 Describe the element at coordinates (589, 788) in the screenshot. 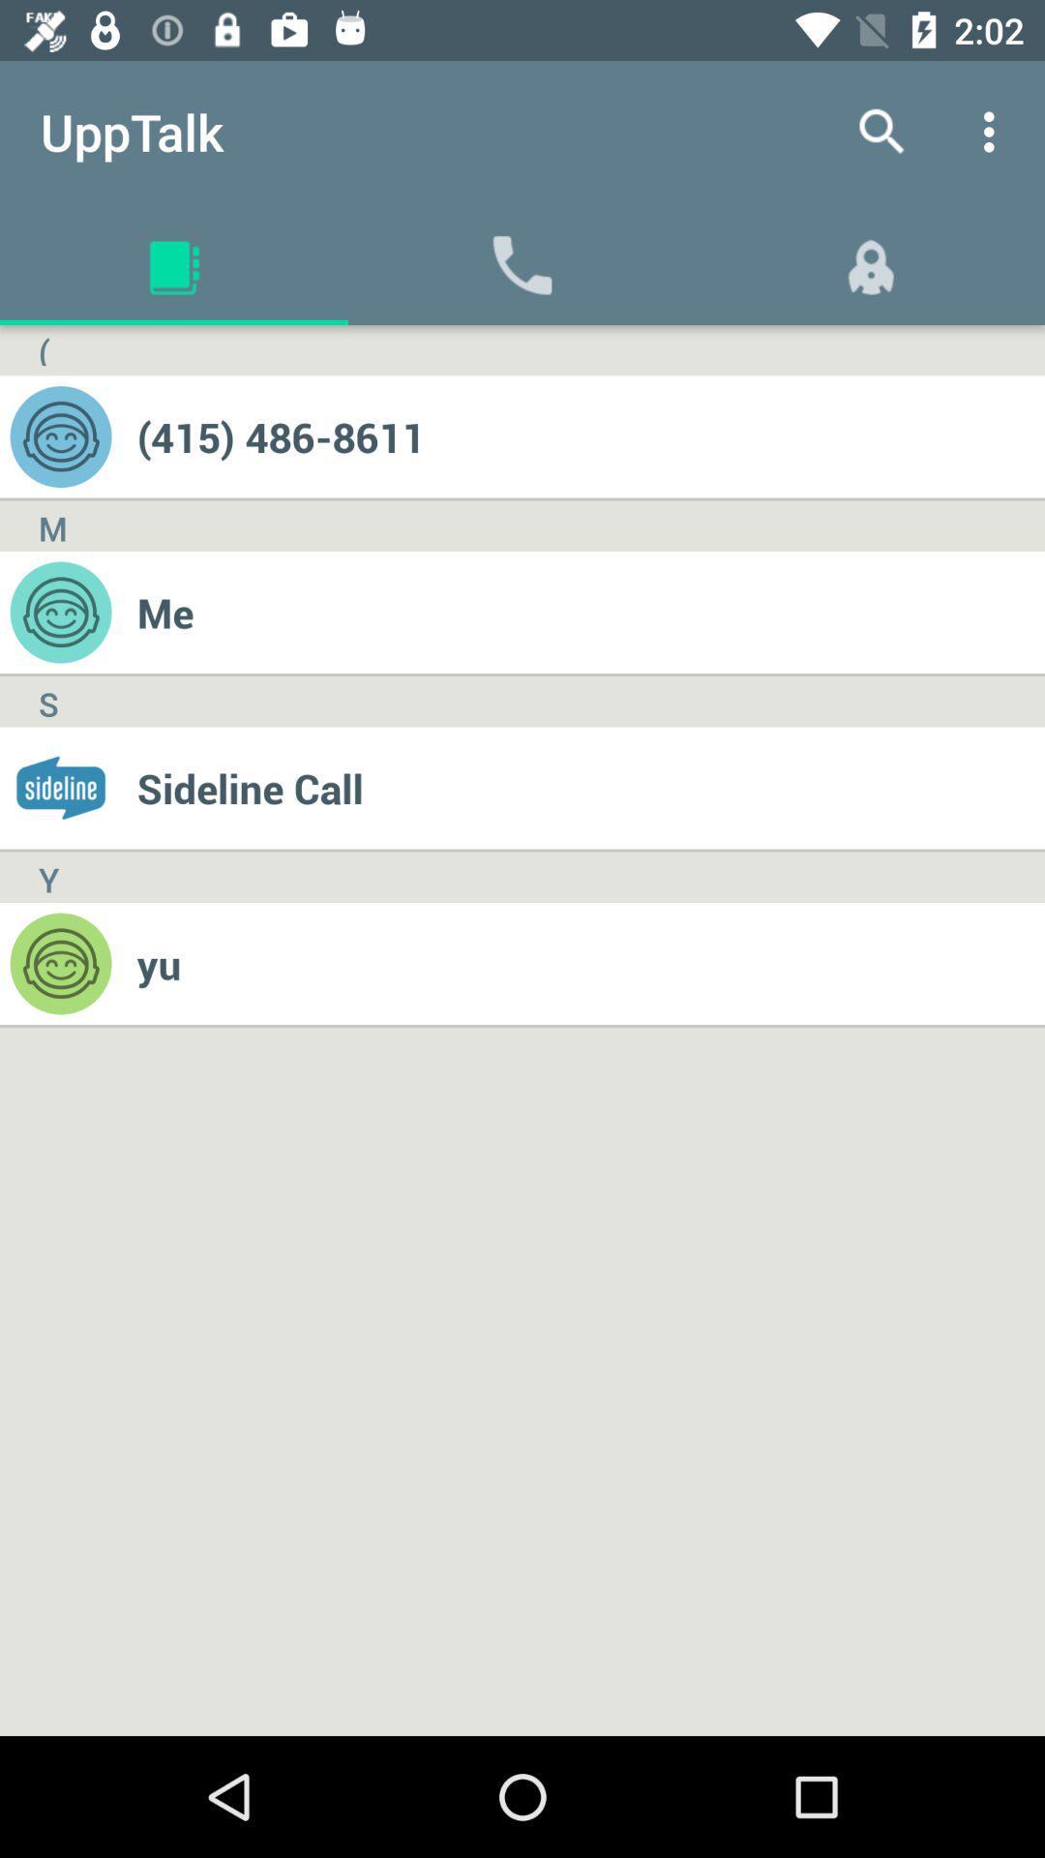

I see `the sideline call icon` at that location.